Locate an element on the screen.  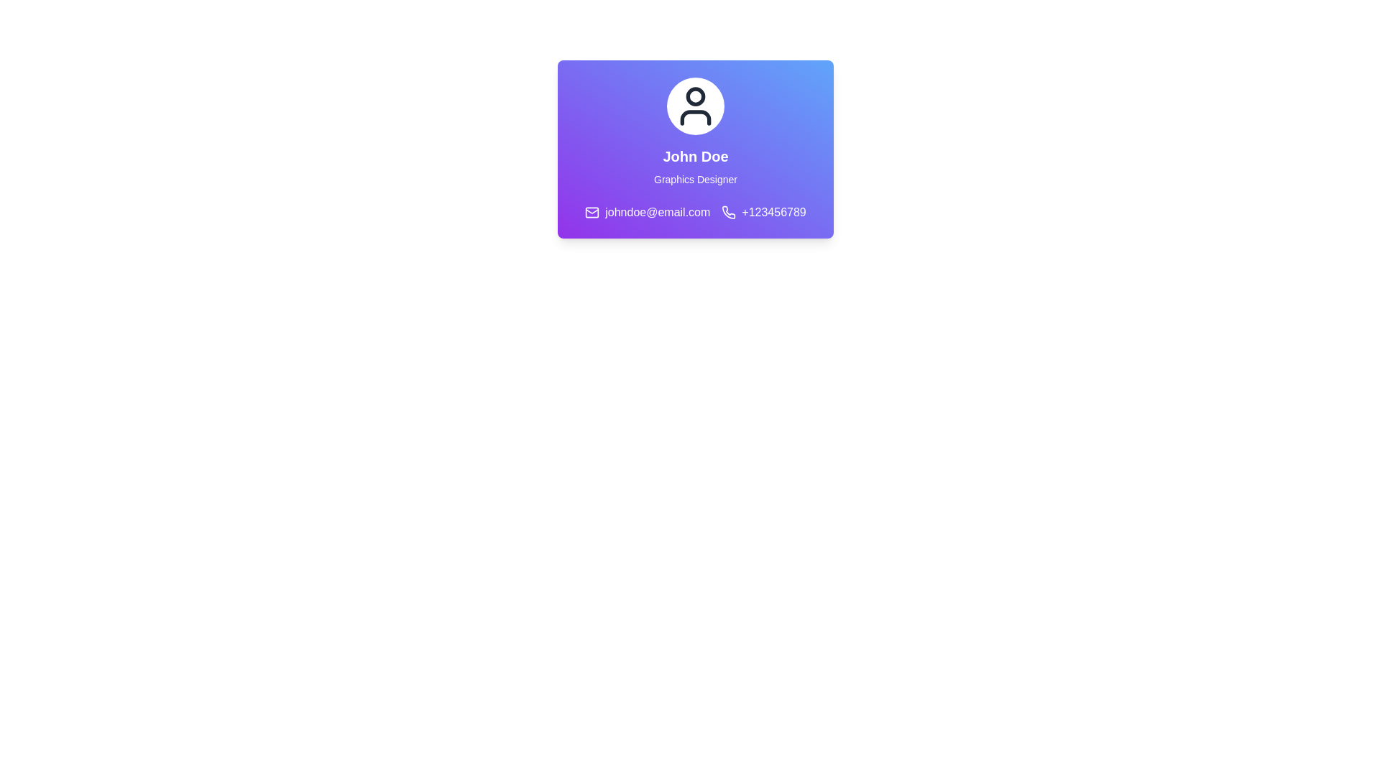
the Text Display with Icon that shows the phone number '+123456789' displayed in white text on a gradient purple background, located to the right of the email address 'johndoe@email.com' is located at coordinates (763, 213).